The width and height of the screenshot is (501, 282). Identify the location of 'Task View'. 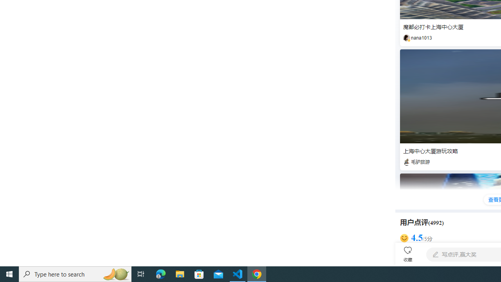
(141, 273).